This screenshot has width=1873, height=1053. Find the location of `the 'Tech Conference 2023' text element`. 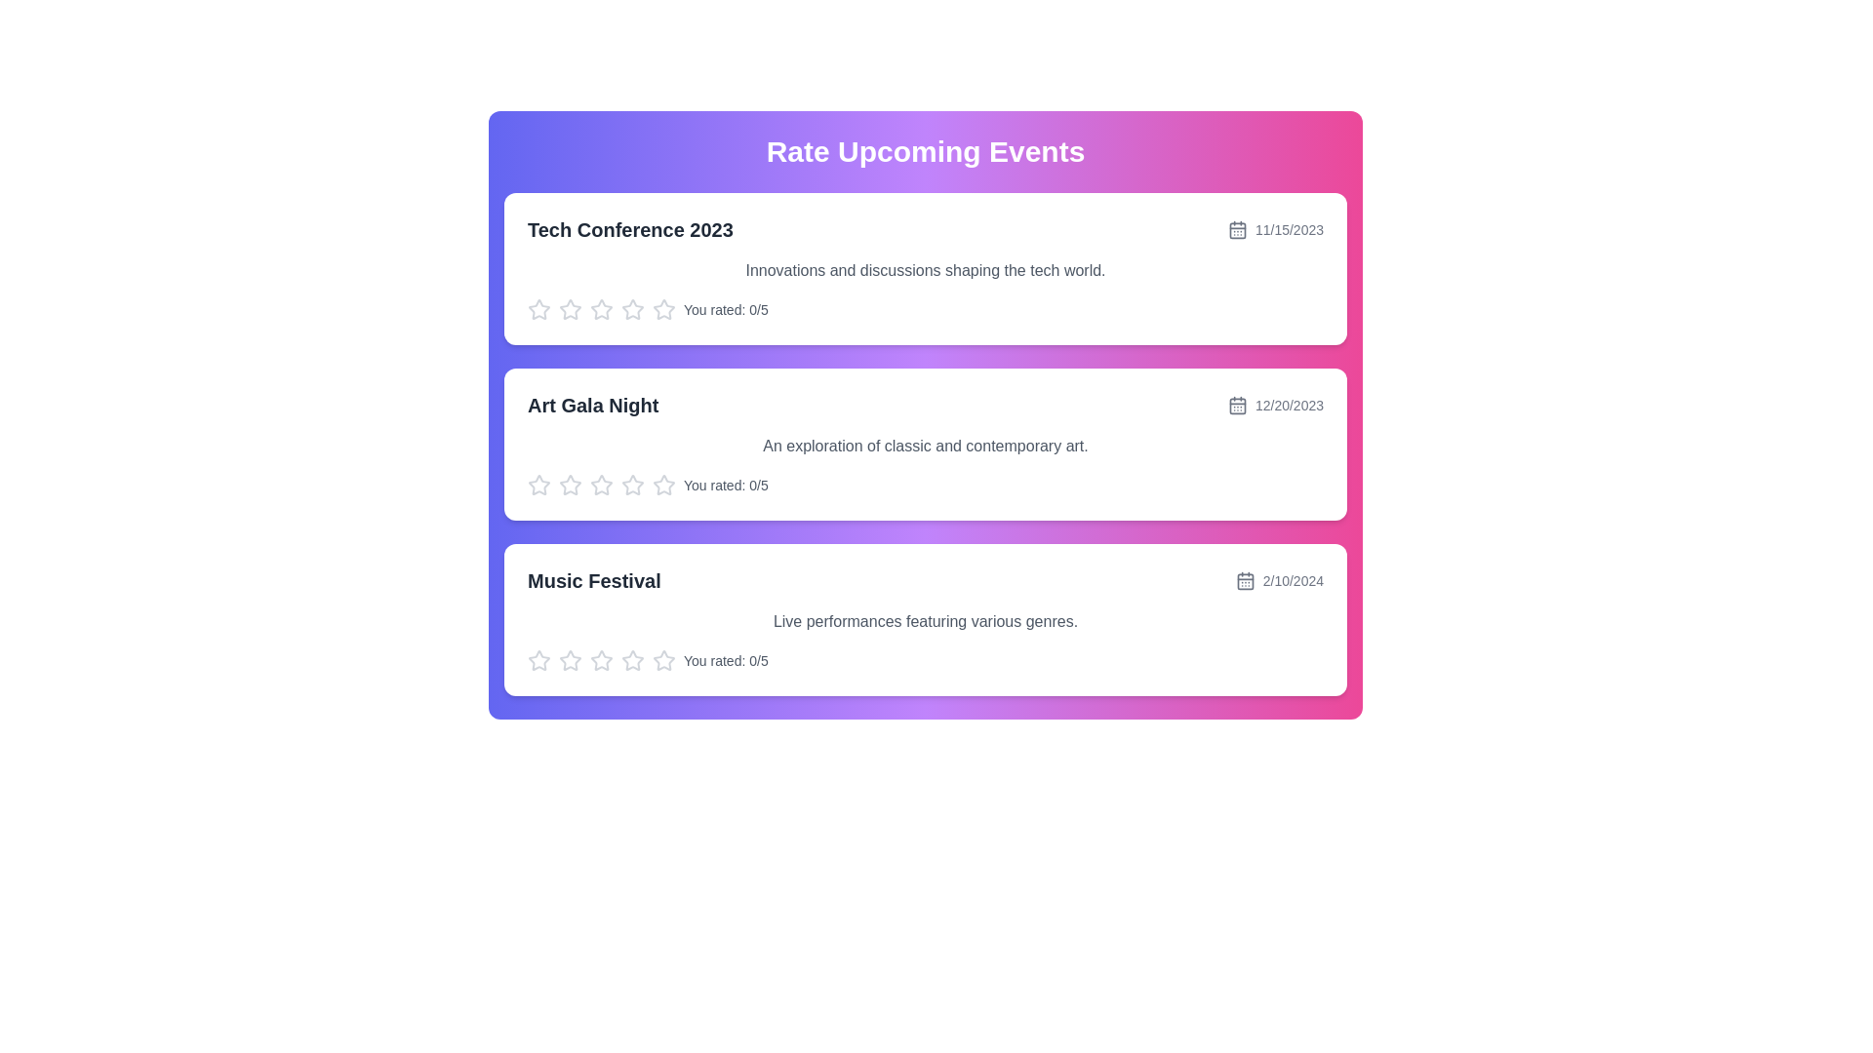

the 'Tech Conference 2023' text element is located at coordinates (630, 228).